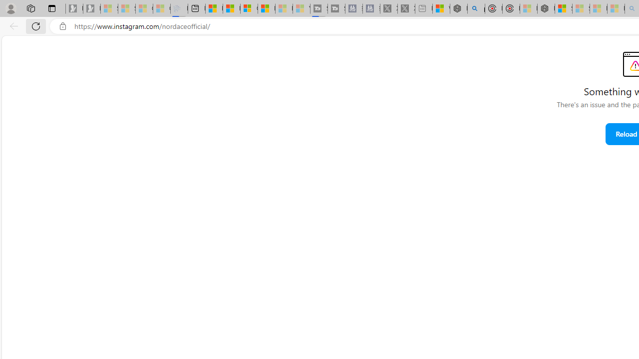 The width and height of the screenshot is (639, 359). Describe the element at coordinates (283, 8) in the screenshot. I see `'Microsoft Start - Sleeping'` at that location.